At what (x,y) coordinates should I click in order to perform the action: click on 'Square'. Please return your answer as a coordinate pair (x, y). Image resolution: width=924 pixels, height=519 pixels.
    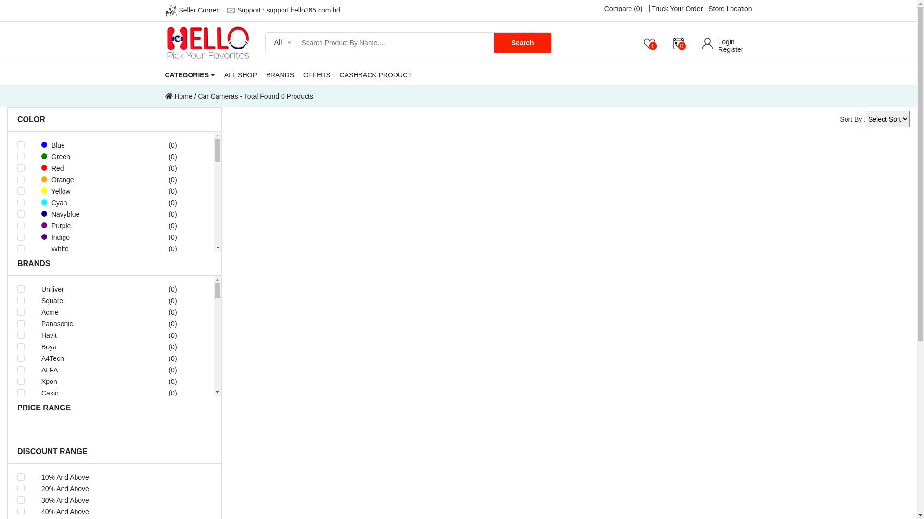
    Looking at the image, I should click on (90, 300).